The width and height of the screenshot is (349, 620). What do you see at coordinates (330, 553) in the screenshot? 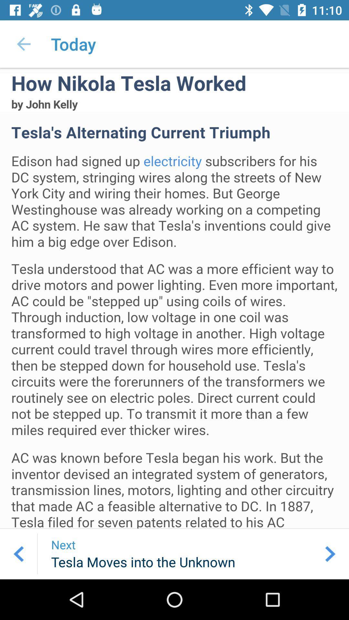
I see `go next button` at bounding box center [330, 553].